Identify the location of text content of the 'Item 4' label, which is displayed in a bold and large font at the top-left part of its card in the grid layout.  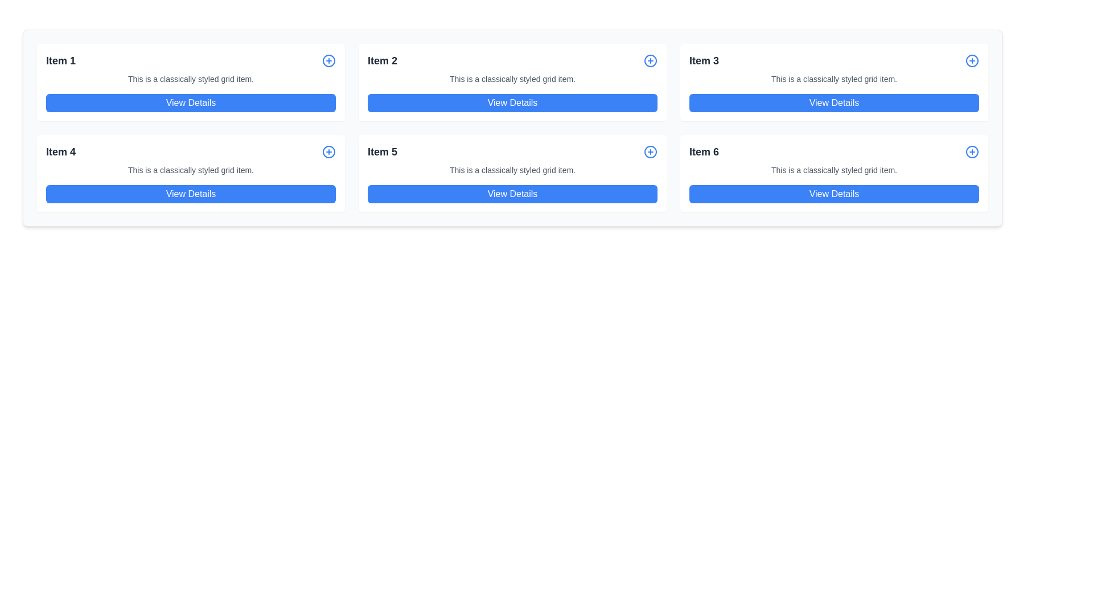
(60, 151).